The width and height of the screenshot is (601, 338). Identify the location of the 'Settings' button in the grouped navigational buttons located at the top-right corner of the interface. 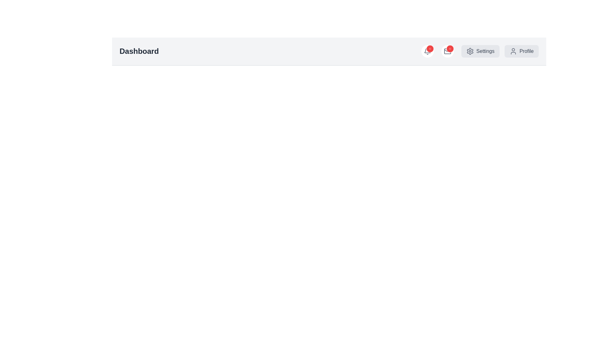
(500, 51).